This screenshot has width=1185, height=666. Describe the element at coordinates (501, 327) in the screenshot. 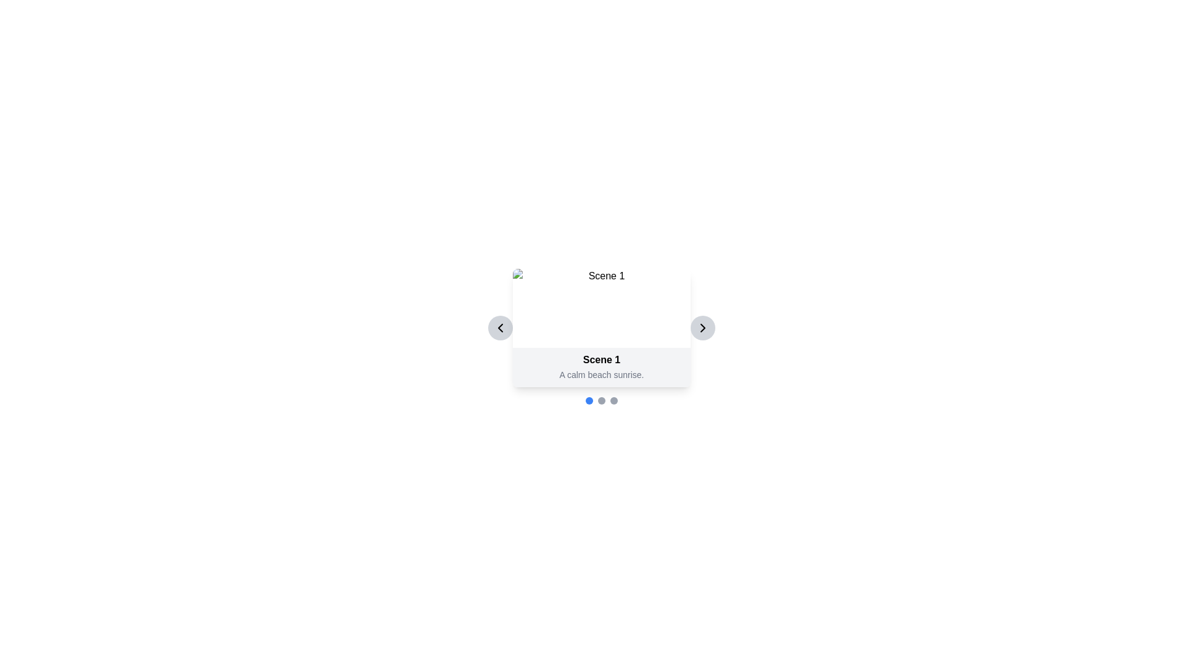

I see `the navigation icon within the circular button on the left side of the card-like structure` at that location.